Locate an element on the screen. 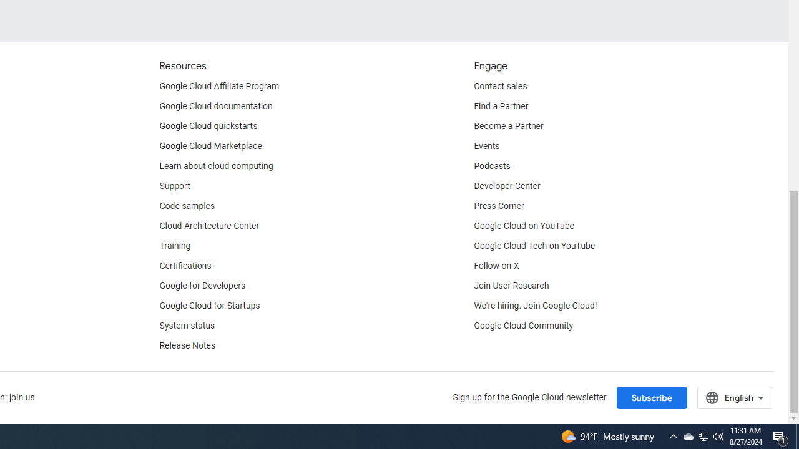 The width and height of the screenshot is (799, 449). 'Google Cloud for Startups' is located at coordinates (210, 306).